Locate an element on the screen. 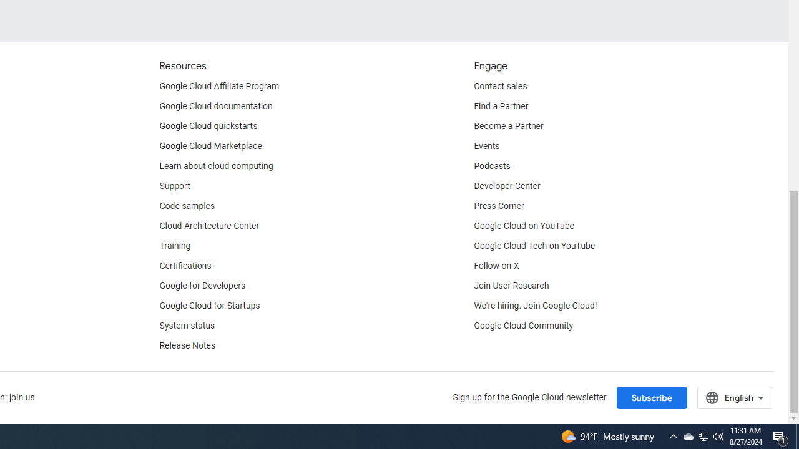 The width and height of the screenshot is (799, 449). 'Google Cloud for Startups' is located at coordinates (210, 306).